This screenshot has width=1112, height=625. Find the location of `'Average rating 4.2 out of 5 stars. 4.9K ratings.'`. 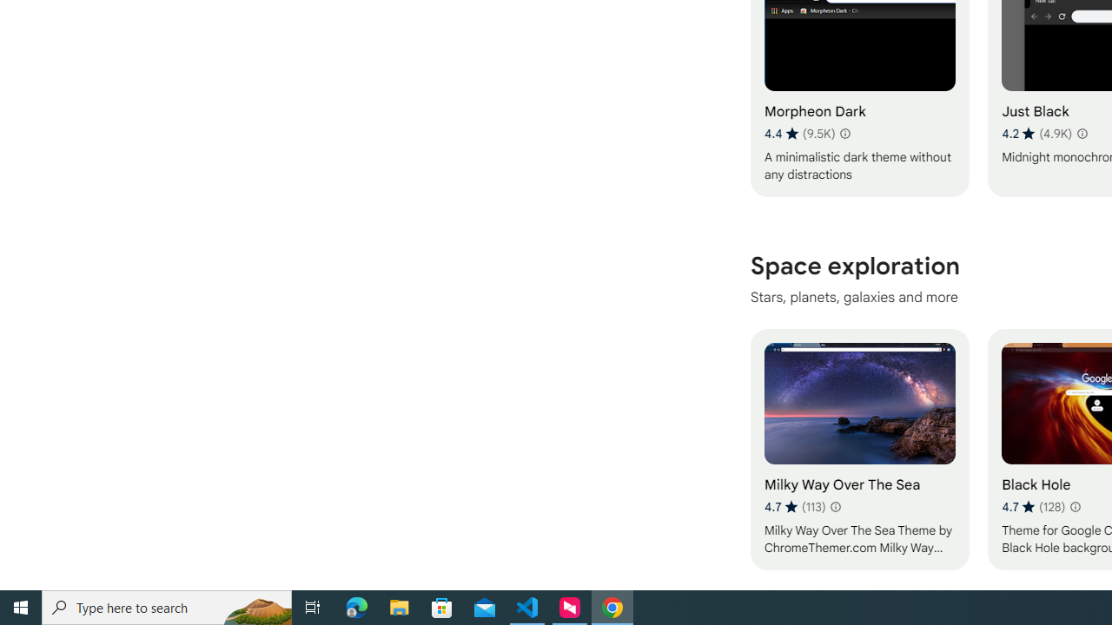

'Average rating 4.2 out of 5 stars. 4.9K ratings.' is located at coordinates (1036, 133).